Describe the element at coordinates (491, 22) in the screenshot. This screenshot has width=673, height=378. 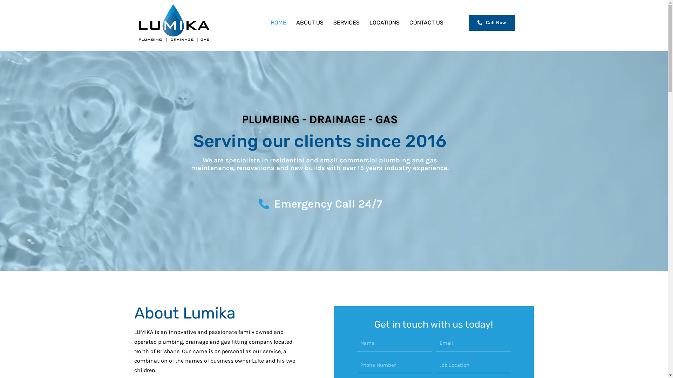
I see `'Call Now'` at that location.